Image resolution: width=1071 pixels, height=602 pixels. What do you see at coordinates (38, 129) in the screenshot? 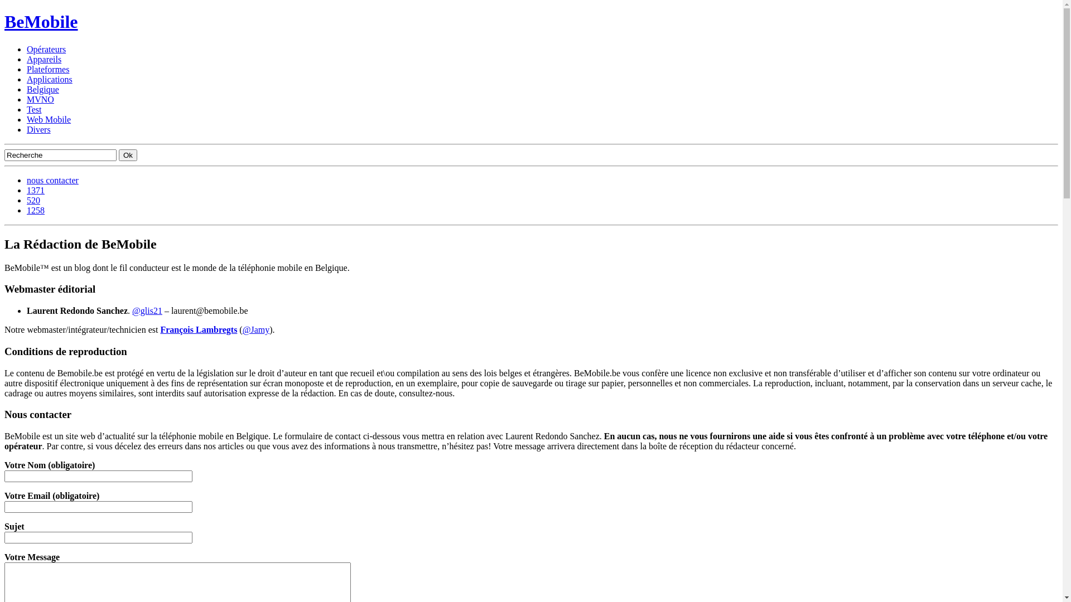
I see `'Divers'` at bounding box center [38, 129].